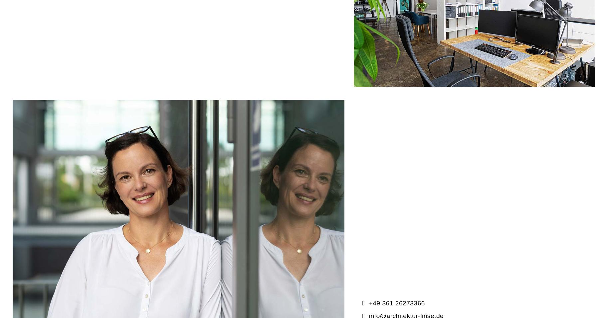 The image size is (599, 318). Describe the element at coordinates (124, 234) in the screenshot. I see `'gelesen und akzeptiere diese.'` at that location.